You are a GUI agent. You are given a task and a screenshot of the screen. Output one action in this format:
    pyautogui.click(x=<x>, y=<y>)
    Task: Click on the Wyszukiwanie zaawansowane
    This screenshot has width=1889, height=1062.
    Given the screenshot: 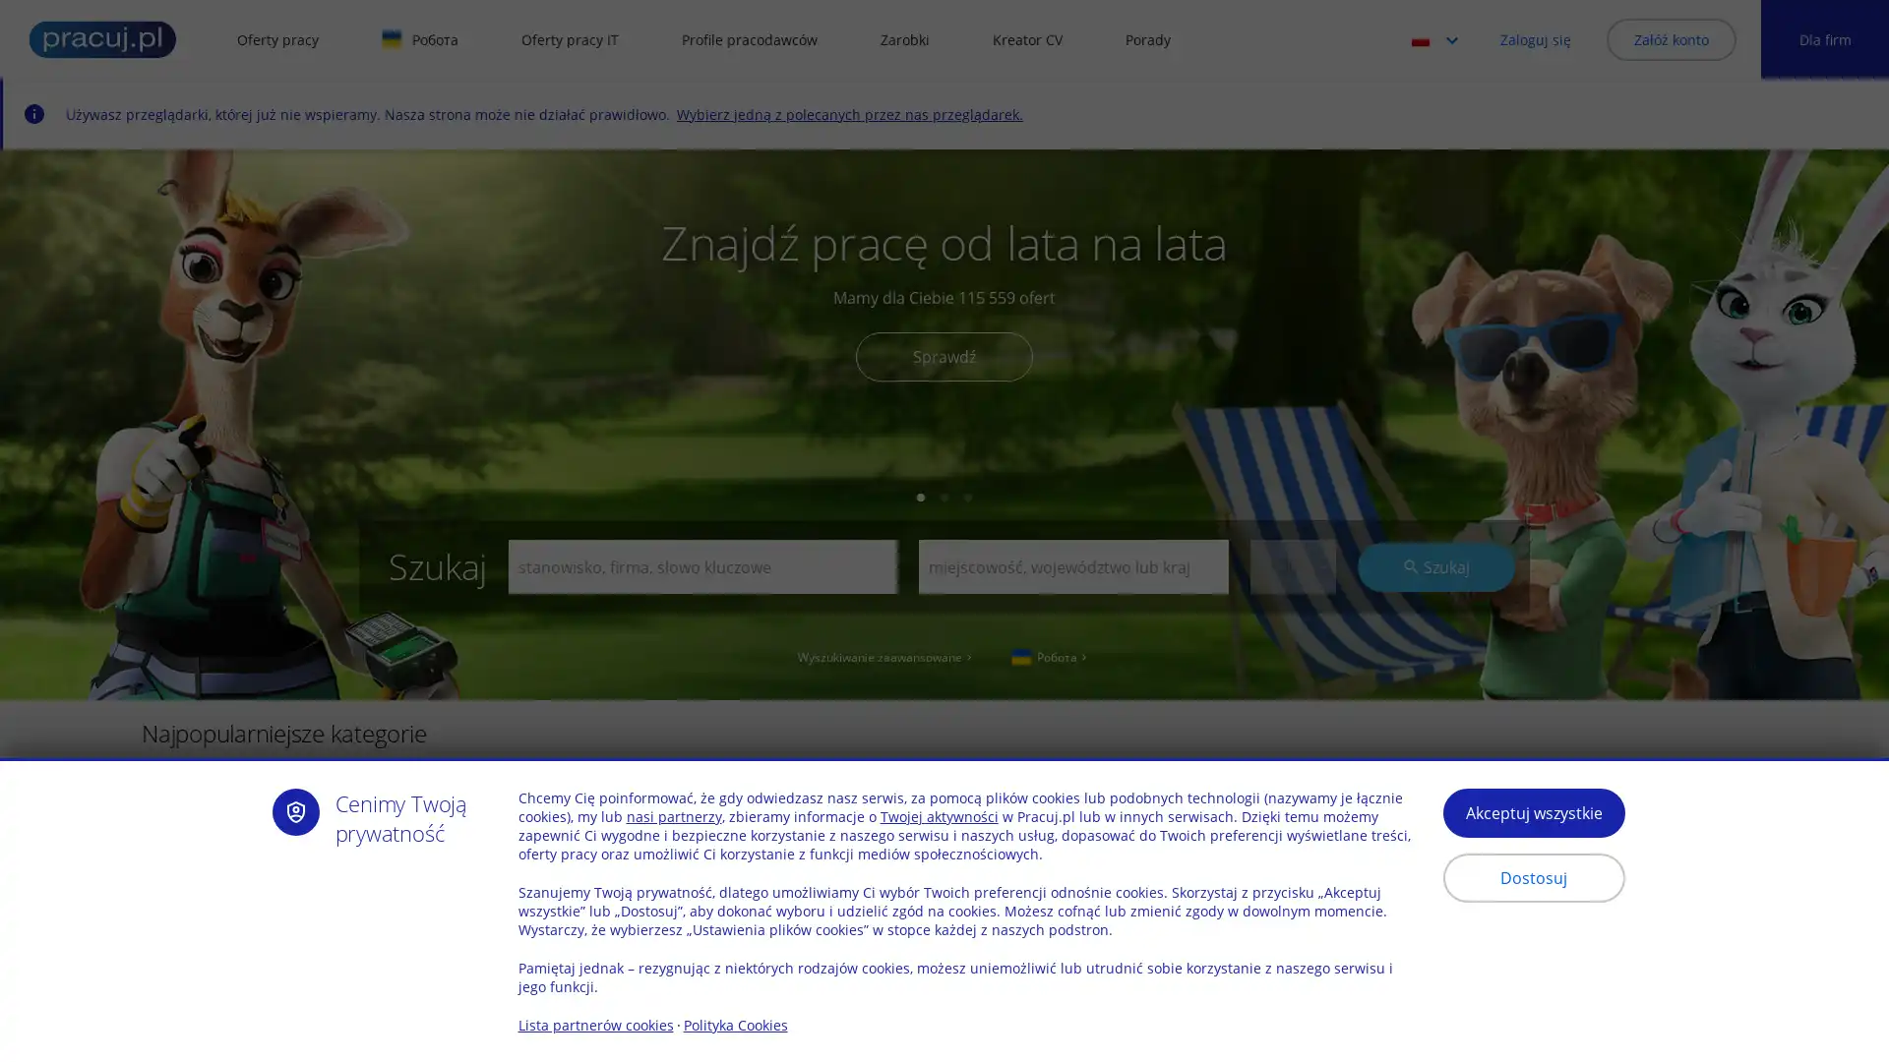 What is the action you would take?
    pyautogui.click(x=885, y=656)
    